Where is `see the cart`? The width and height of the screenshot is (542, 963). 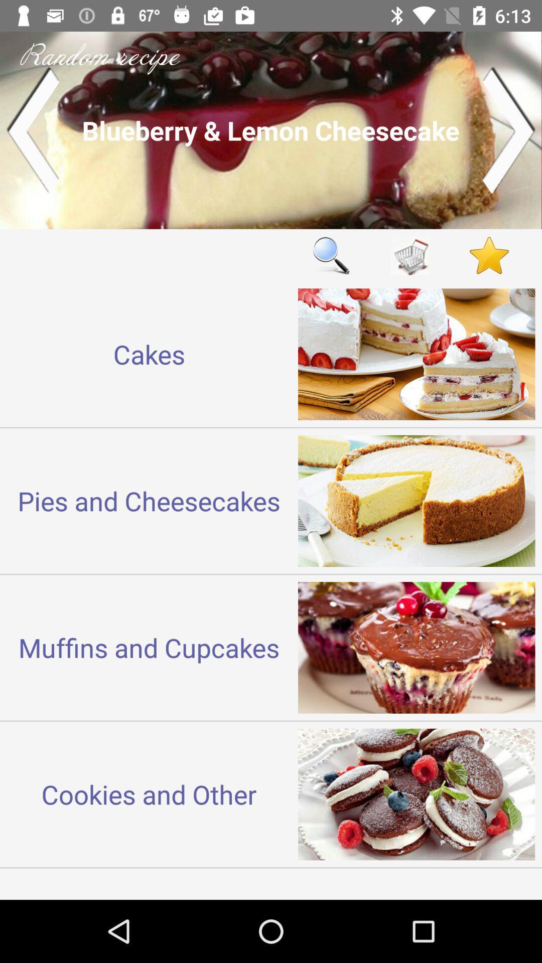 see the cart is located at coordinates (410, 255).